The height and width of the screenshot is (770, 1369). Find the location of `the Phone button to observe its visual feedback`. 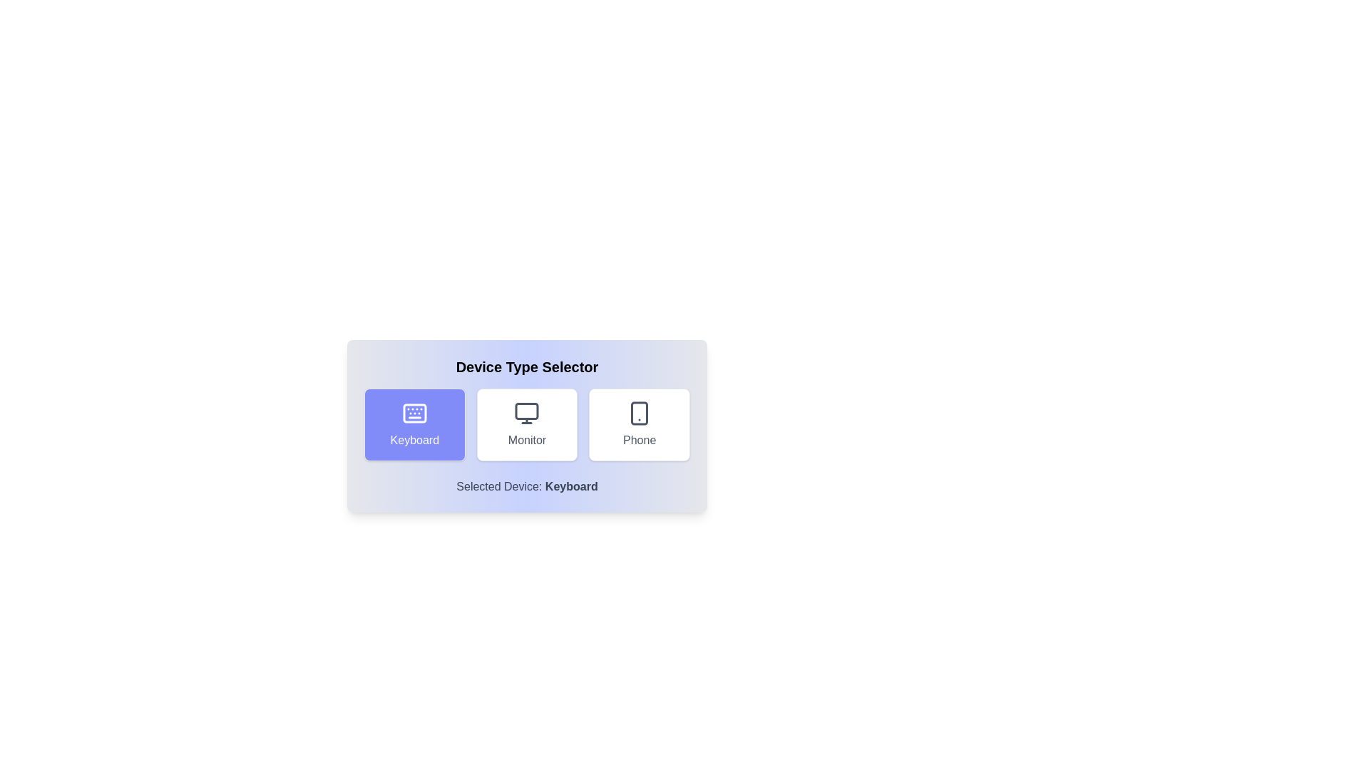

the Phone button to observe its visual feedback is located at coordinates (639, 424).